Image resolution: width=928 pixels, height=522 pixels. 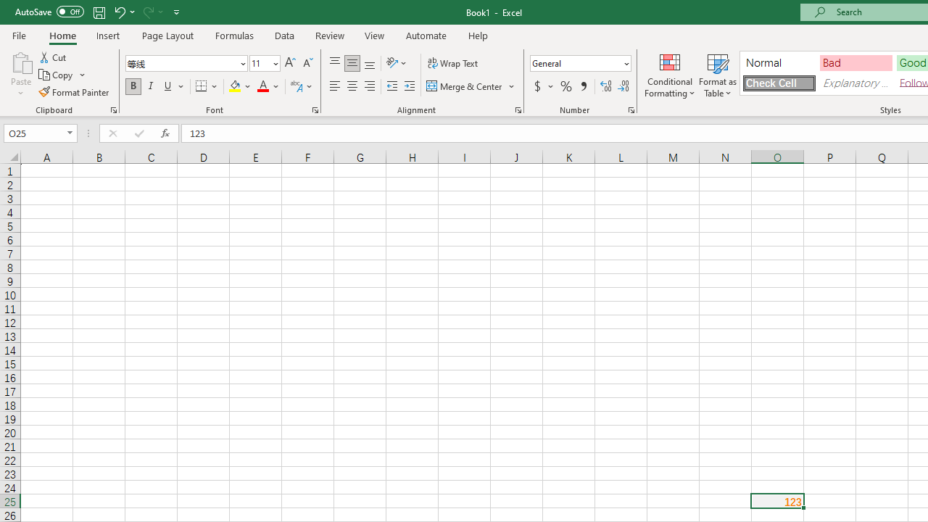 I want to click on 'Font Size', so click(x=260, y=62).